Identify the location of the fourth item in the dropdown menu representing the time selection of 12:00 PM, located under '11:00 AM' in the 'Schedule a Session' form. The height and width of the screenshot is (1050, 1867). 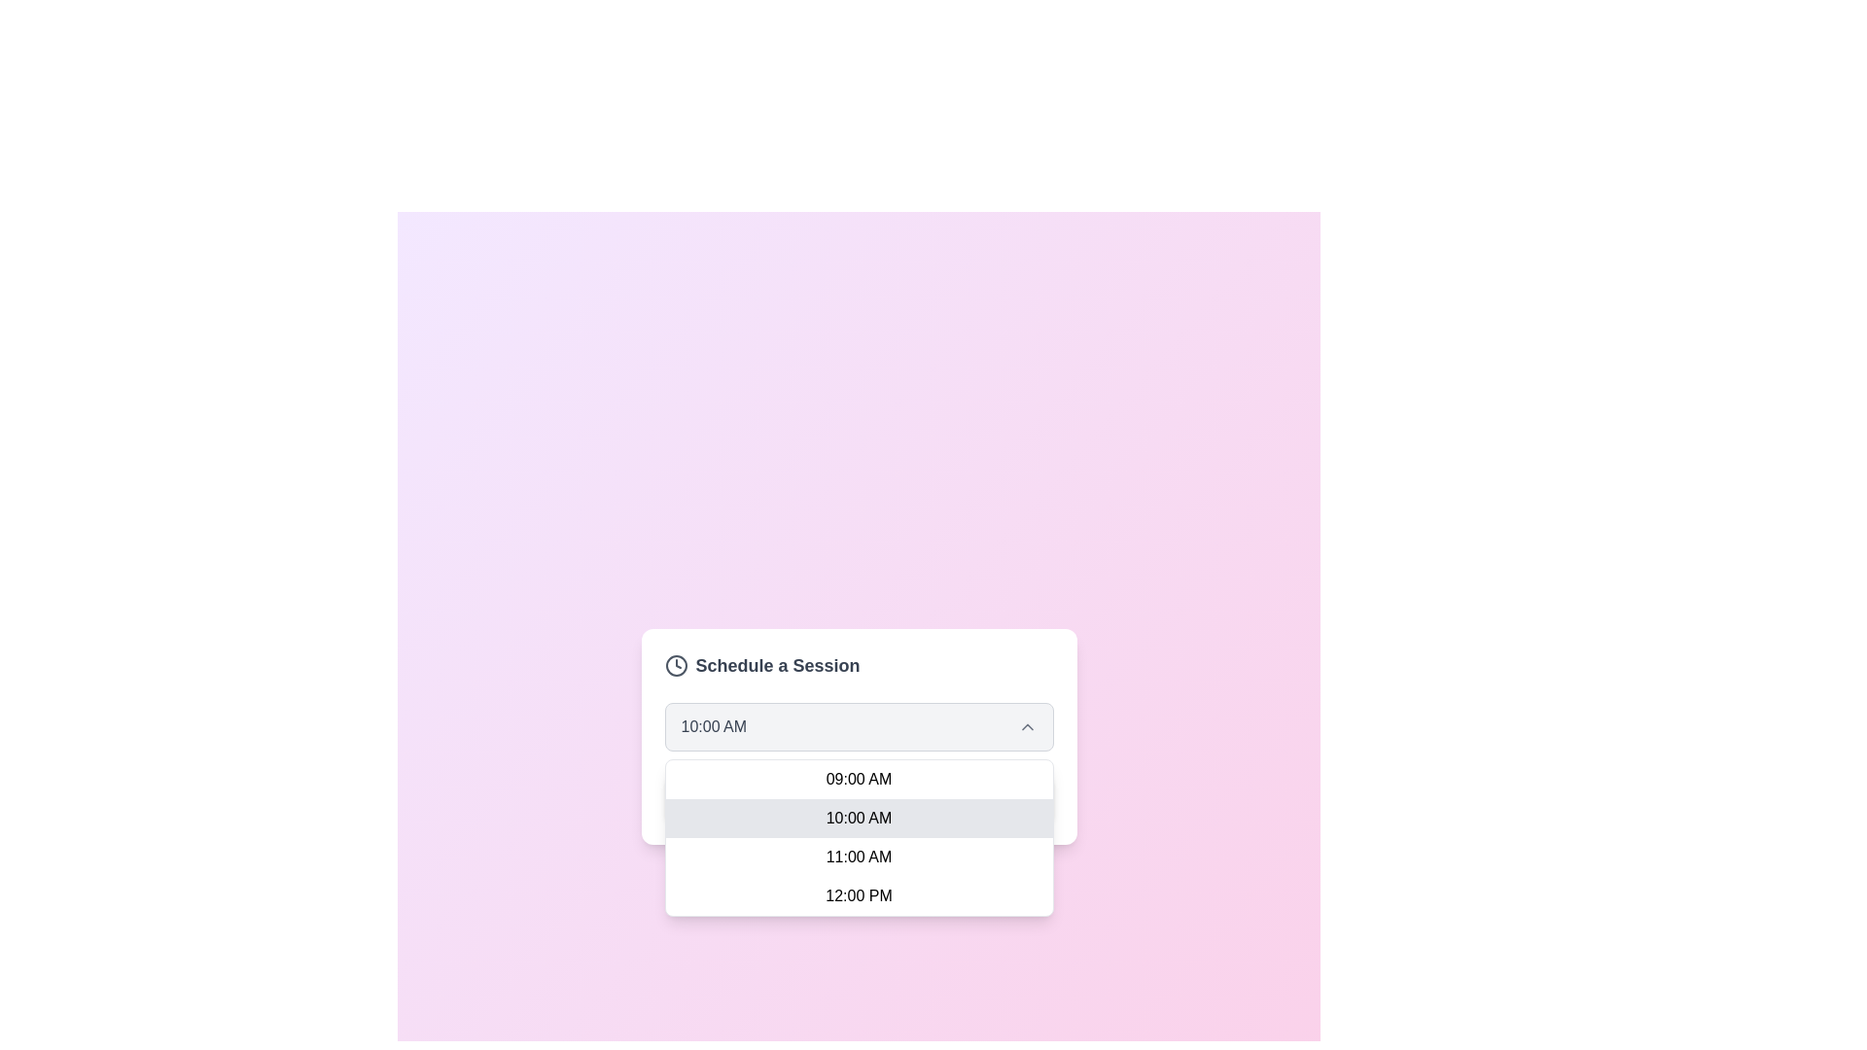
(858, 895).